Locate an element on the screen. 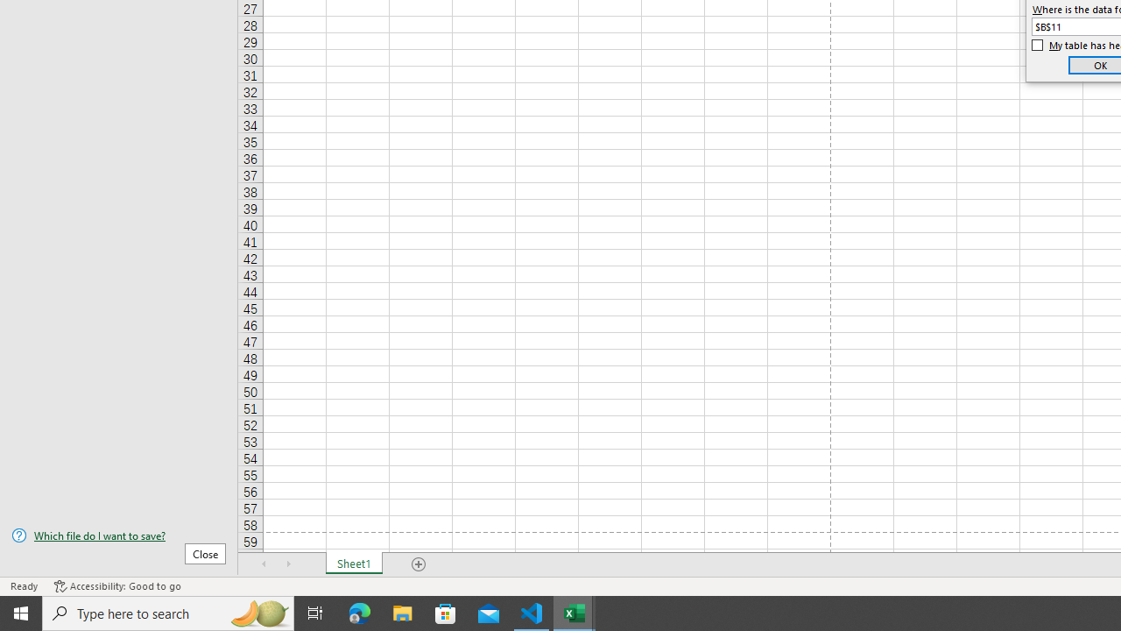 The image size is (1121, 631). 'Which file do I want to save?' is located at coordinates (118, 535).